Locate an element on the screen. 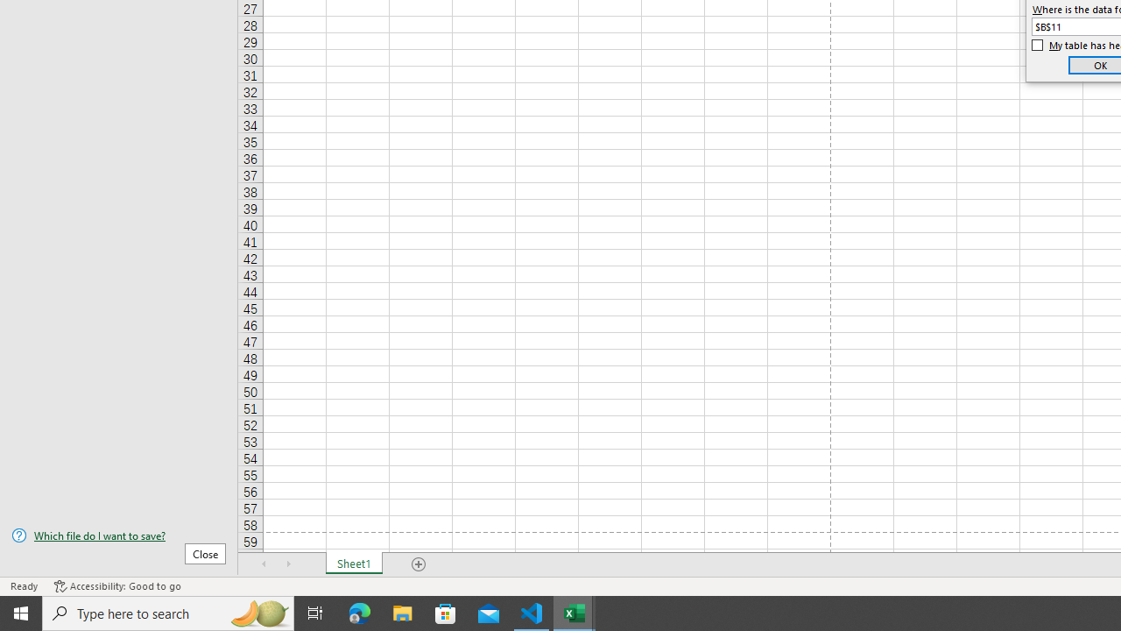 The image size is (1121, 631). 'Which file do I want to save?' is located at coordinates (118, 535).